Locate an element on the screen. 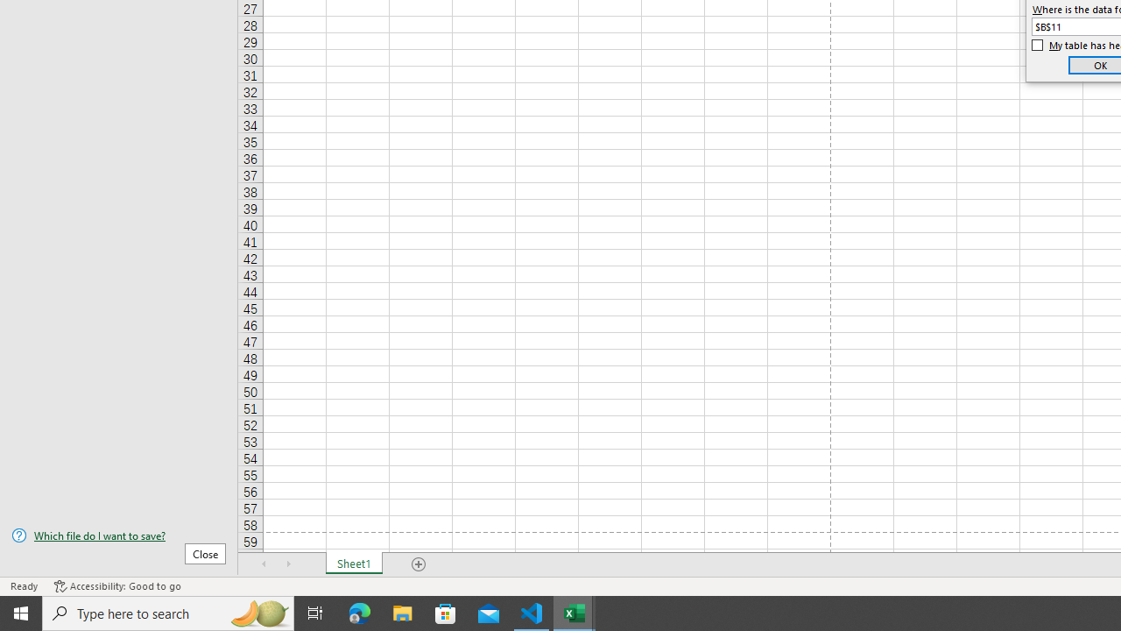 The image size is (1121, 631). 'Which file do I want to save?' is located at coordinates (118, 535).